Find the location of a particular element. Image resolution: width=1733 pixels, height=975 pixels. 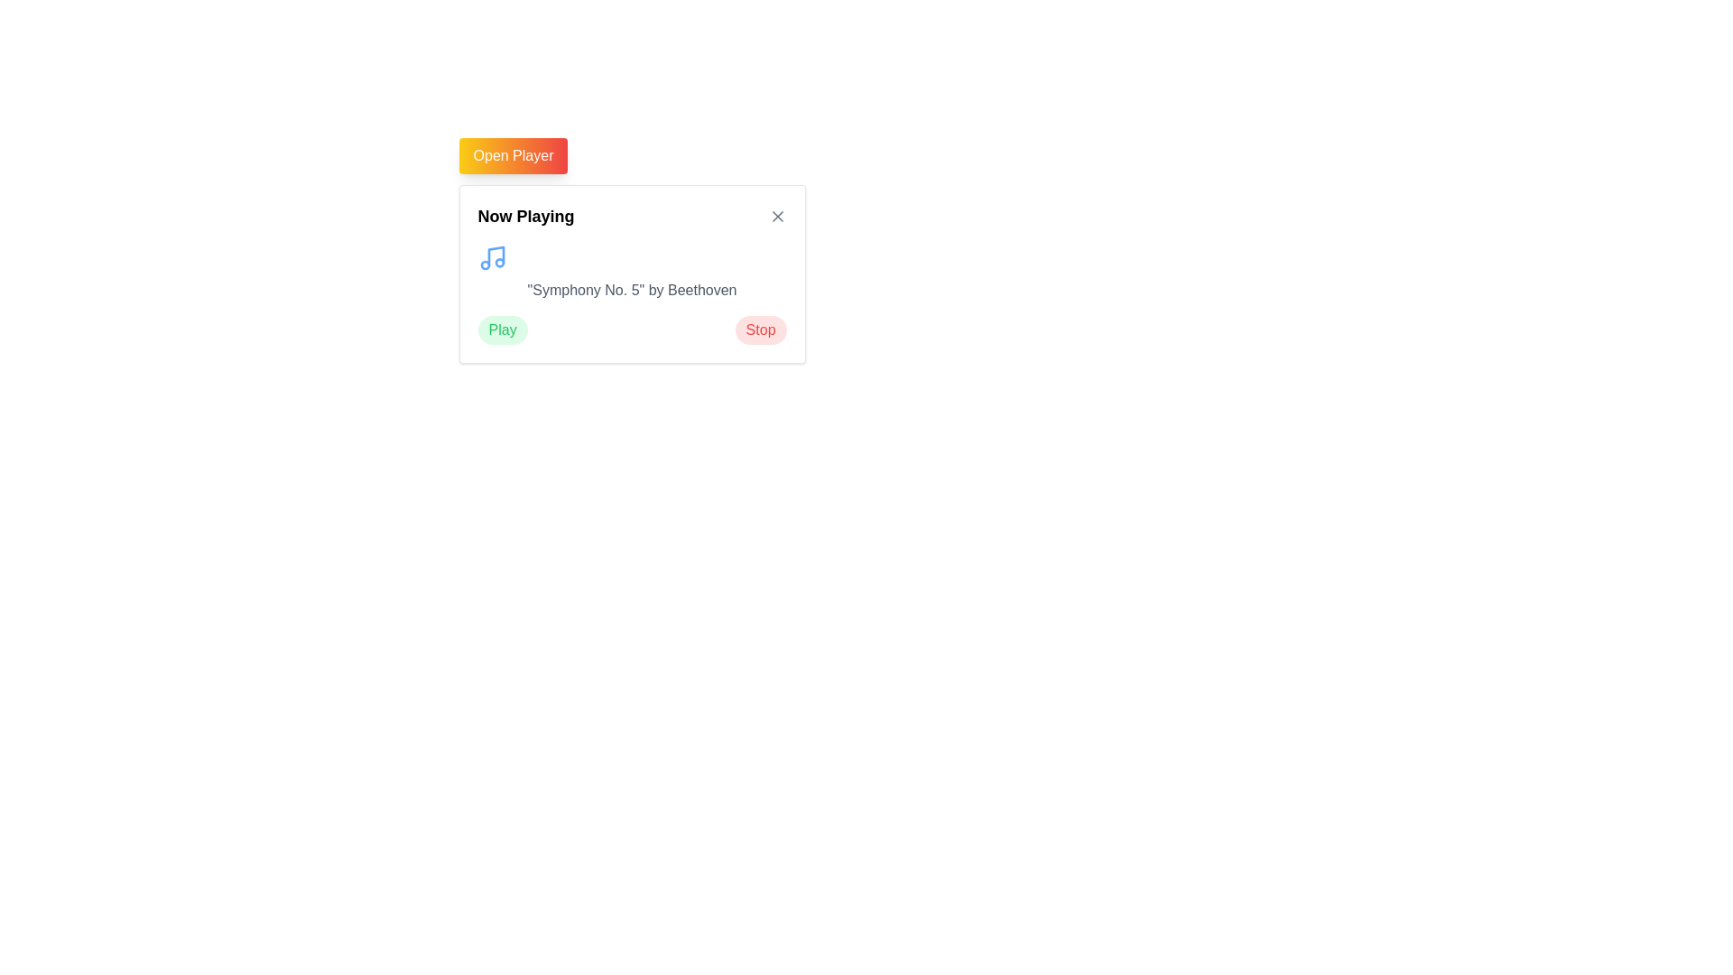

the bold text label displaying 'Now Playing' located at the top-left corner of a card layout is located at coordinates (525, 215).